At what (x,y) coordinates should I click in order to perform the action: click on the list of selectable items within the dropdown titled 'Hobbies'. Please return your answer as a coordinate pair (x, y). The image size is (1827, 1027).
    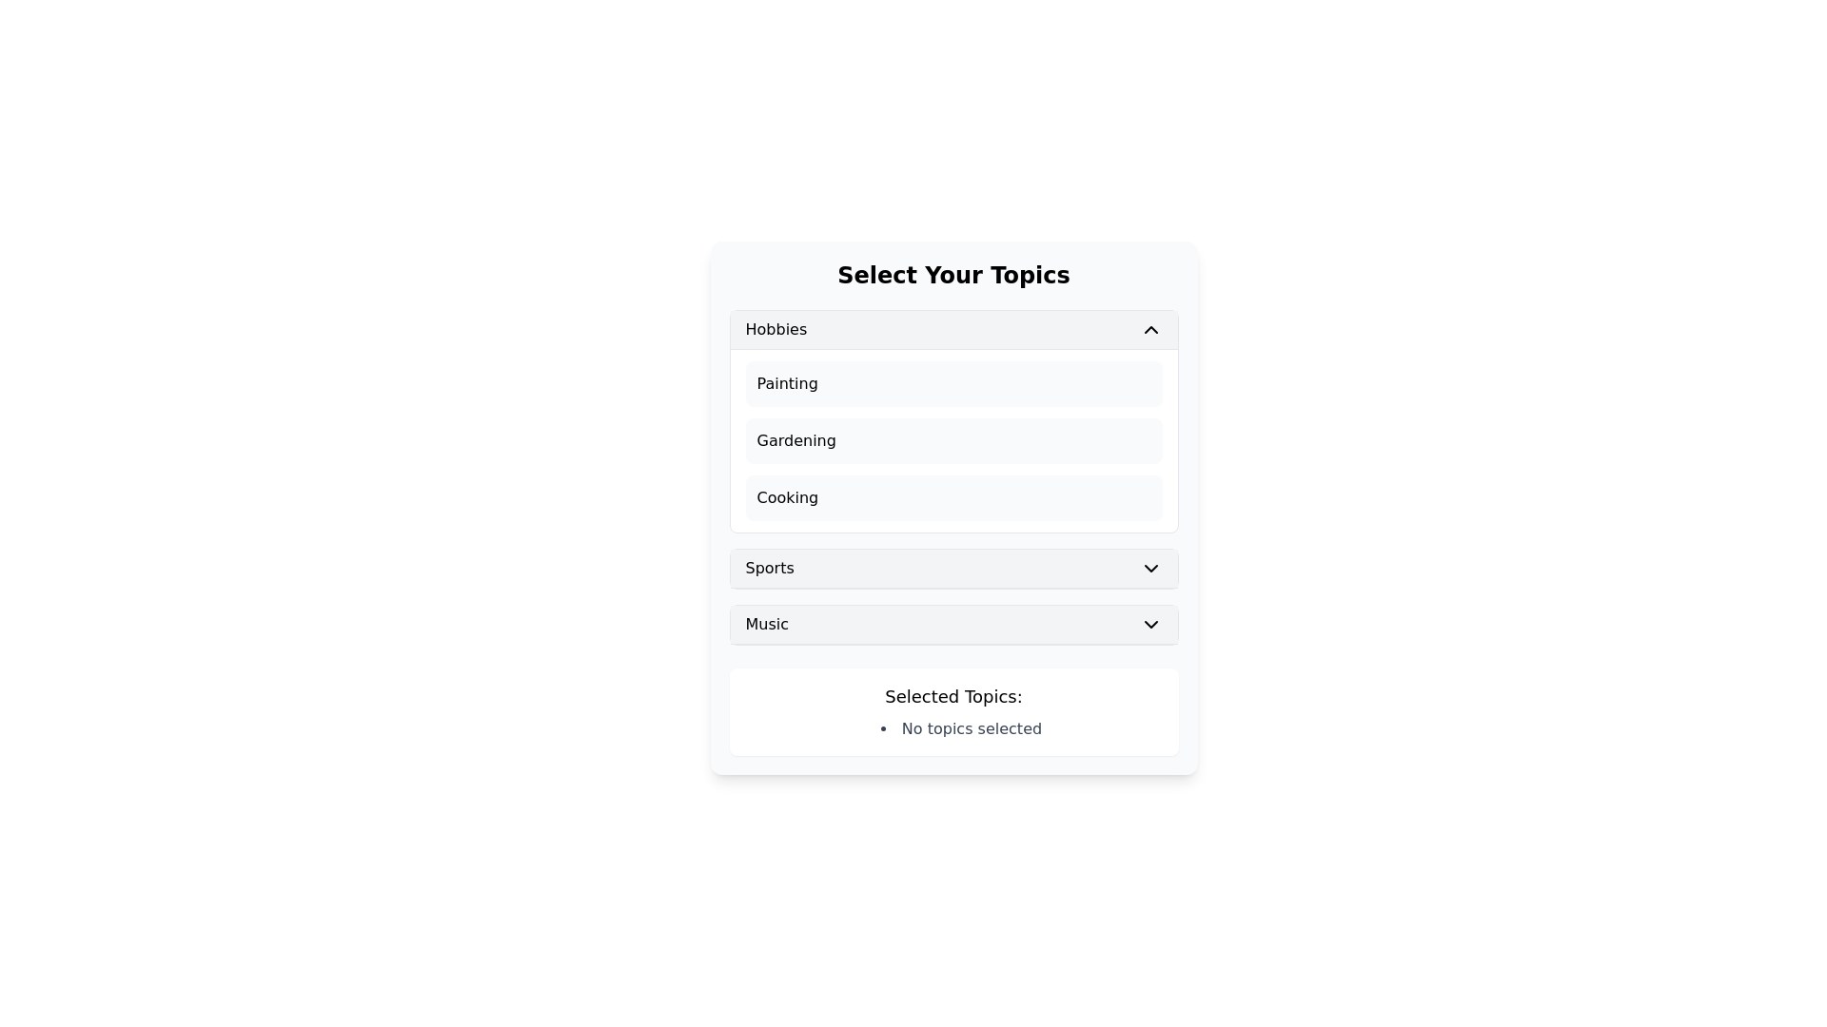
    Looking at the image, I should click on (953, 476).